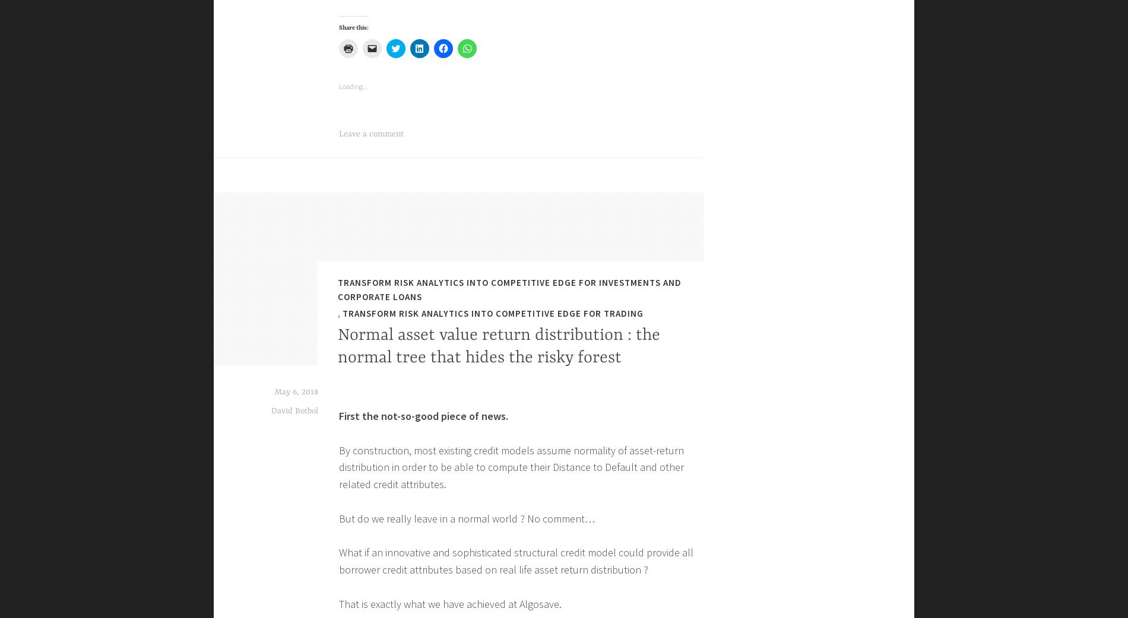  Describe the element at coordinates (518, 95) in the screenshot. I see `'Ask for your private access to ALGOSAVE ISSUER DATABASE and check how you can increase the POWER AND UNIQUENESS of your financial analysis.'` at that location.